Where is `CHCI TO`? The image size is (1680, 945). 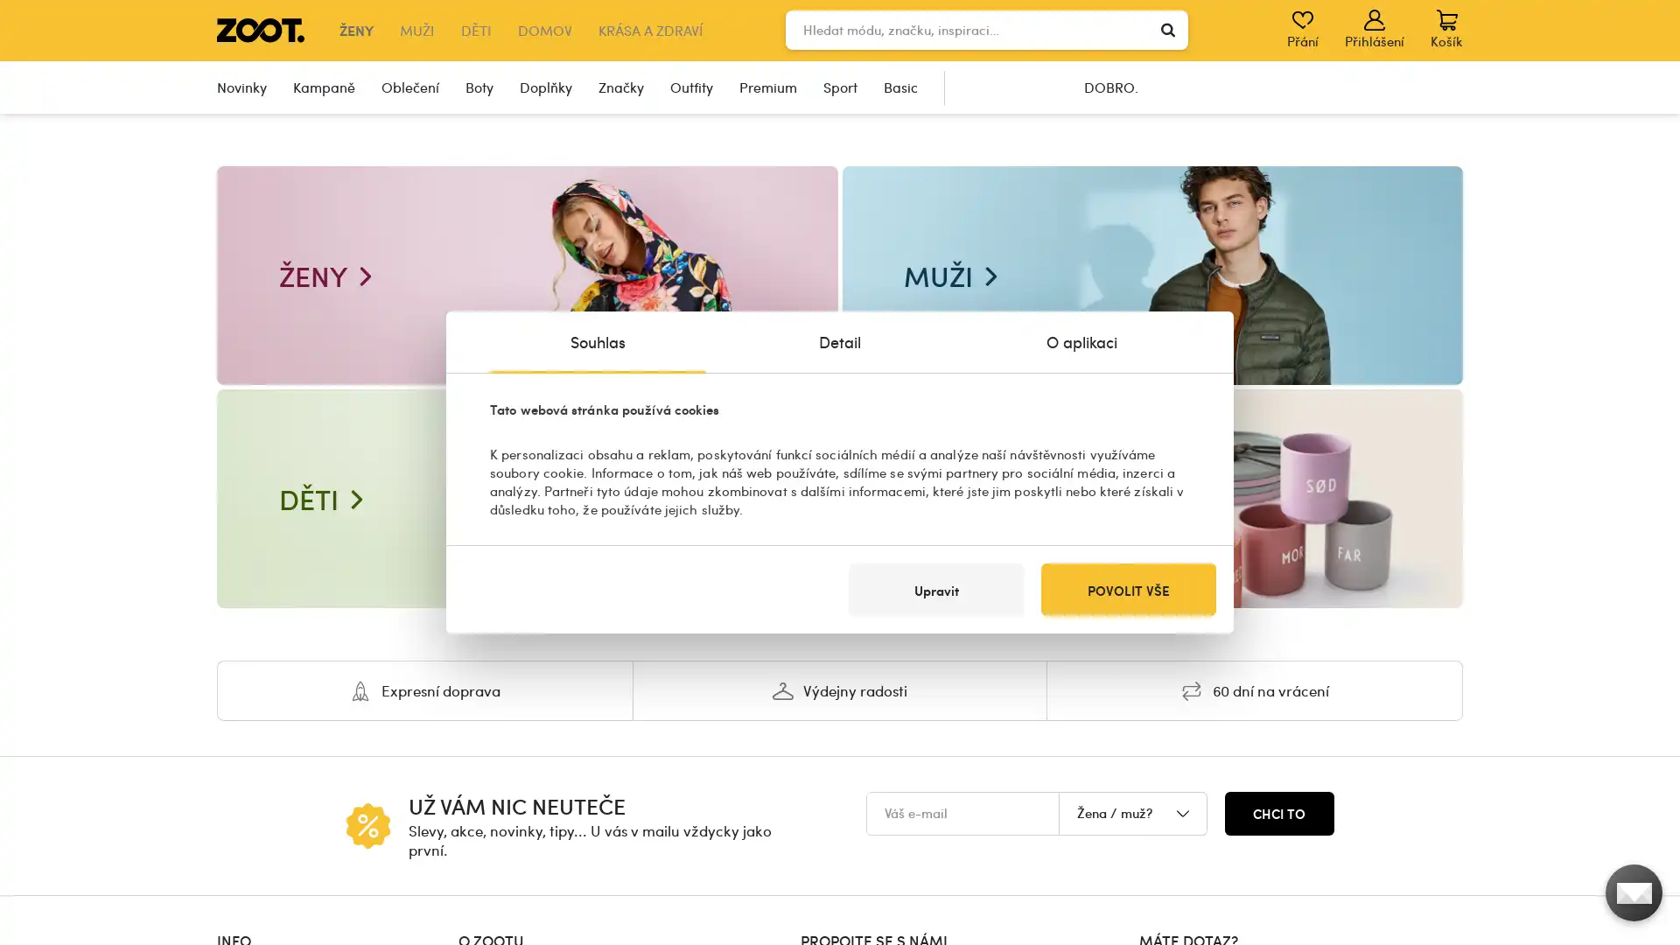
CHCI TO is located at coordinates (1279, 813).